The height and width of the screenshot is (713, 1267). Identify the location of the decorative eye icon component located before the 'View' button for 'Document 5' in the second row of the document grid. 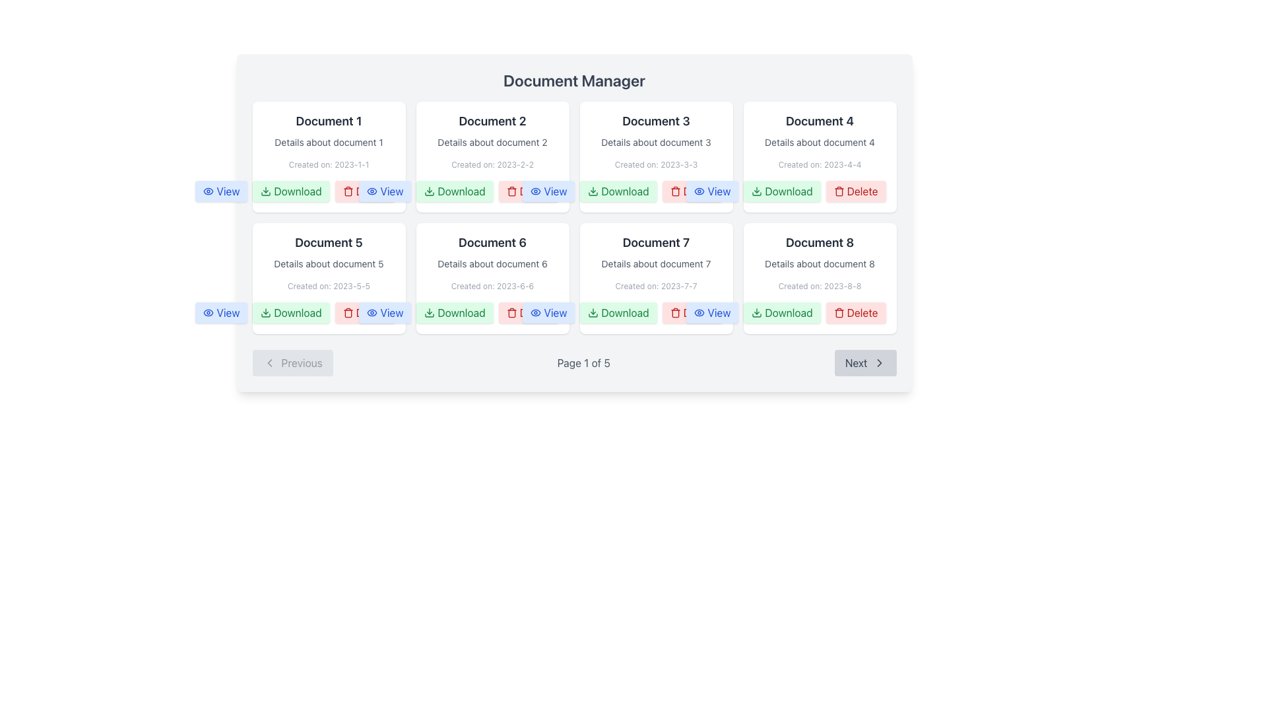
(372, 313).